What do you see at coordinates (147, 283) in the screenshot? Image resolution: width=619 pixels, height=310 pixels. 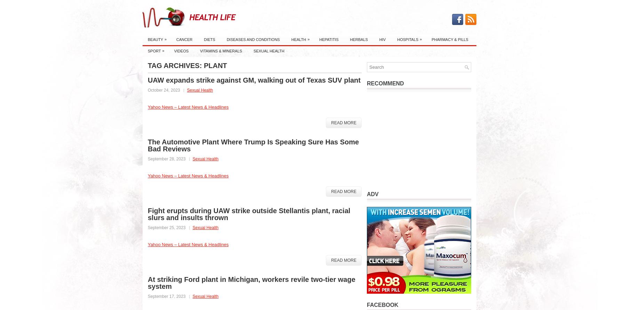 I see `'At striking Ford plant in Michigan, workers revile two-tier wage system'` at bounding box center [147, 283].